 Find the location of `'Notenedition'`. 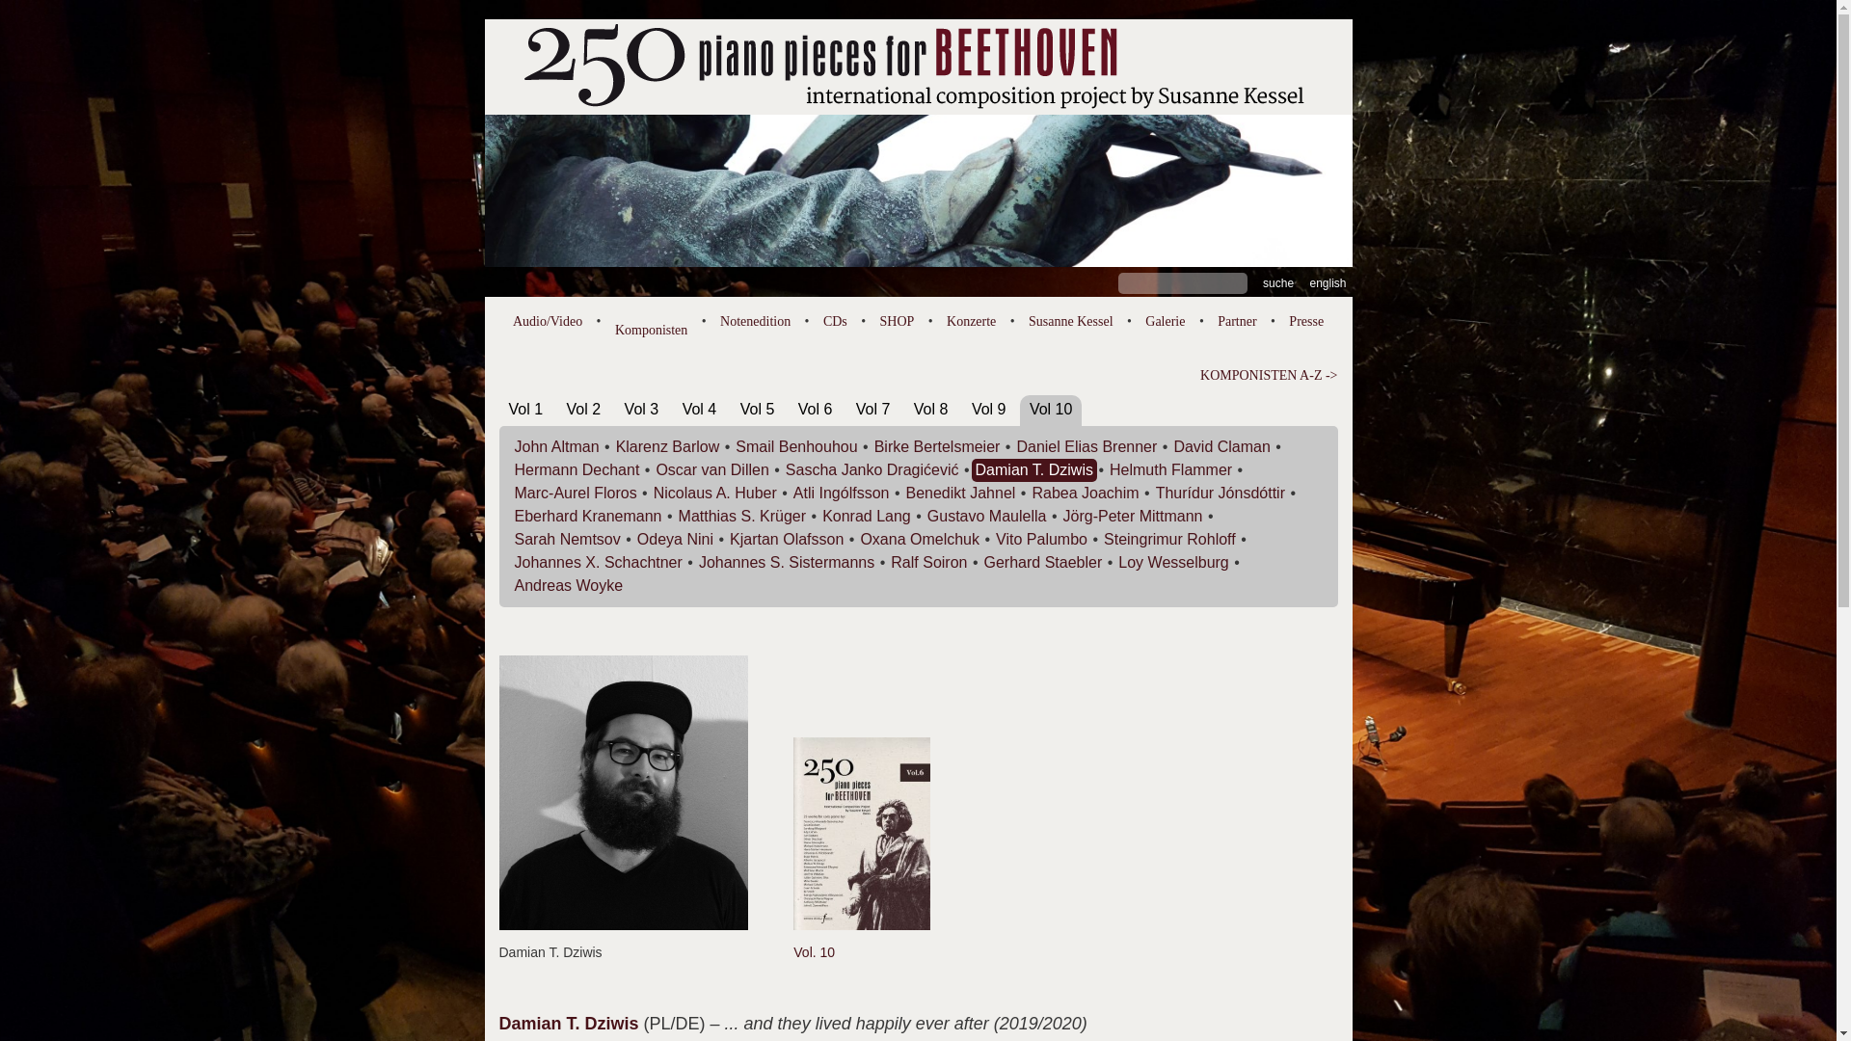

'Notenedition' is located at coordinates (754, 320).